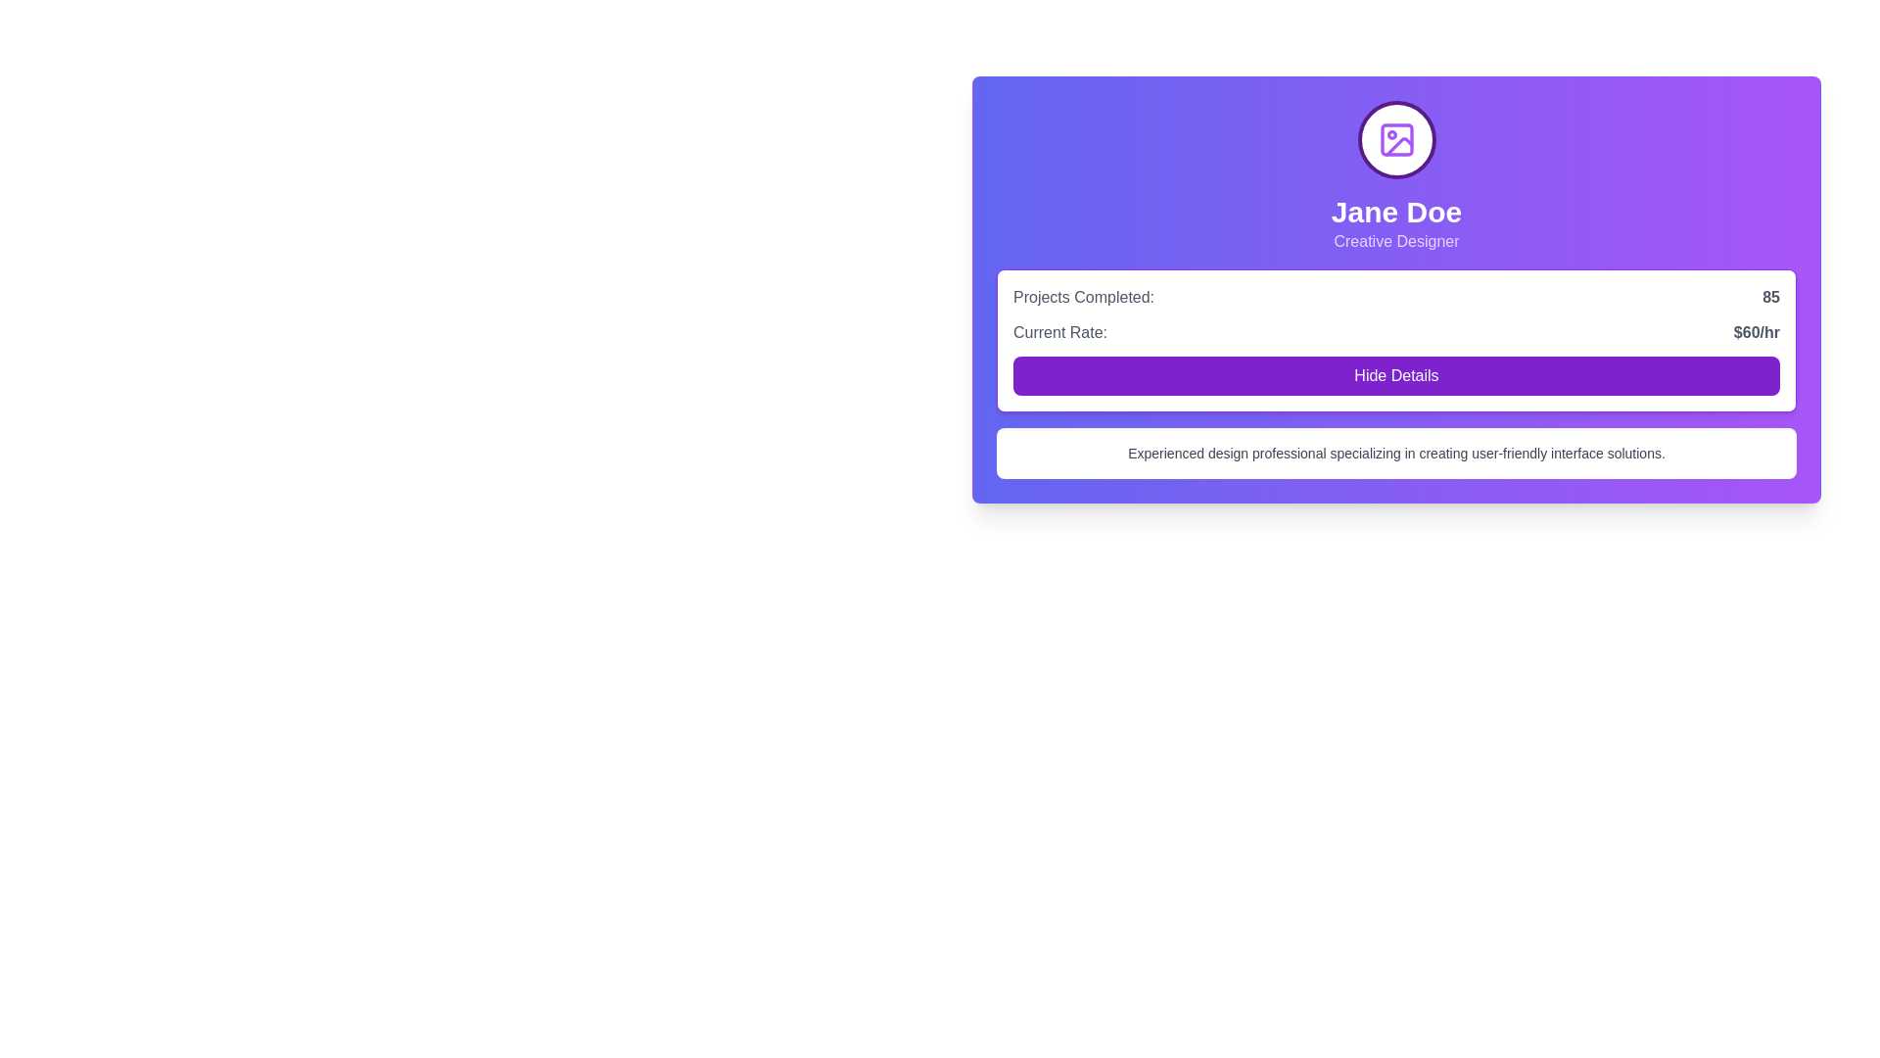 This screenshot has height=1058, width=1880. Describe the element at coordinates (1771, 298) in the screenshot. I see `the text element displaying the numeral '85', which is rendered in dark gray on a white background, located to the right of 'Projects Completed:' in the upper-middle area of the content card` at that location.